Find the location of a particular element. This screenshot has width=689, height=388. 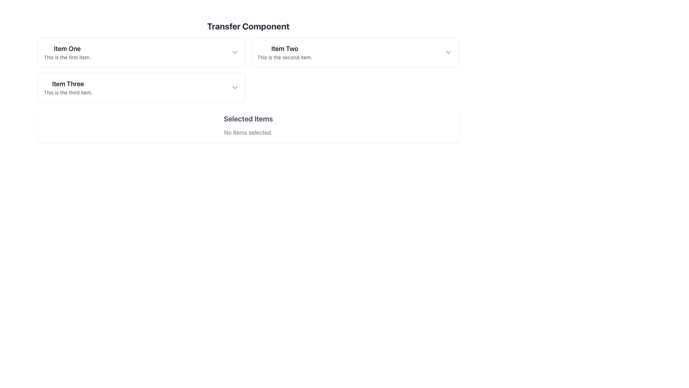

the text contents of the second Label/Description Block in the 'Transfer Component' section, which is positioned between 'Item One' and 'Item Three' is located at coordinates (284, 52).